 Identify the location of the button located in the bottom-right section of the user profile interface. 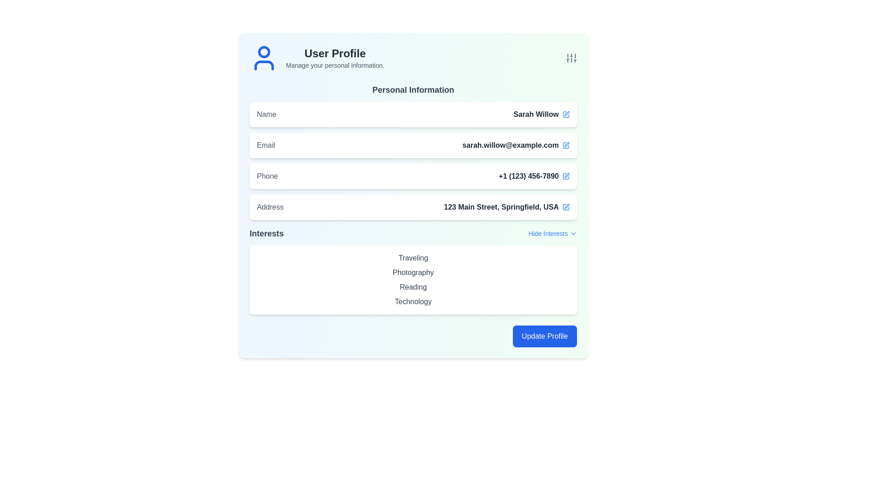
(545, 336).